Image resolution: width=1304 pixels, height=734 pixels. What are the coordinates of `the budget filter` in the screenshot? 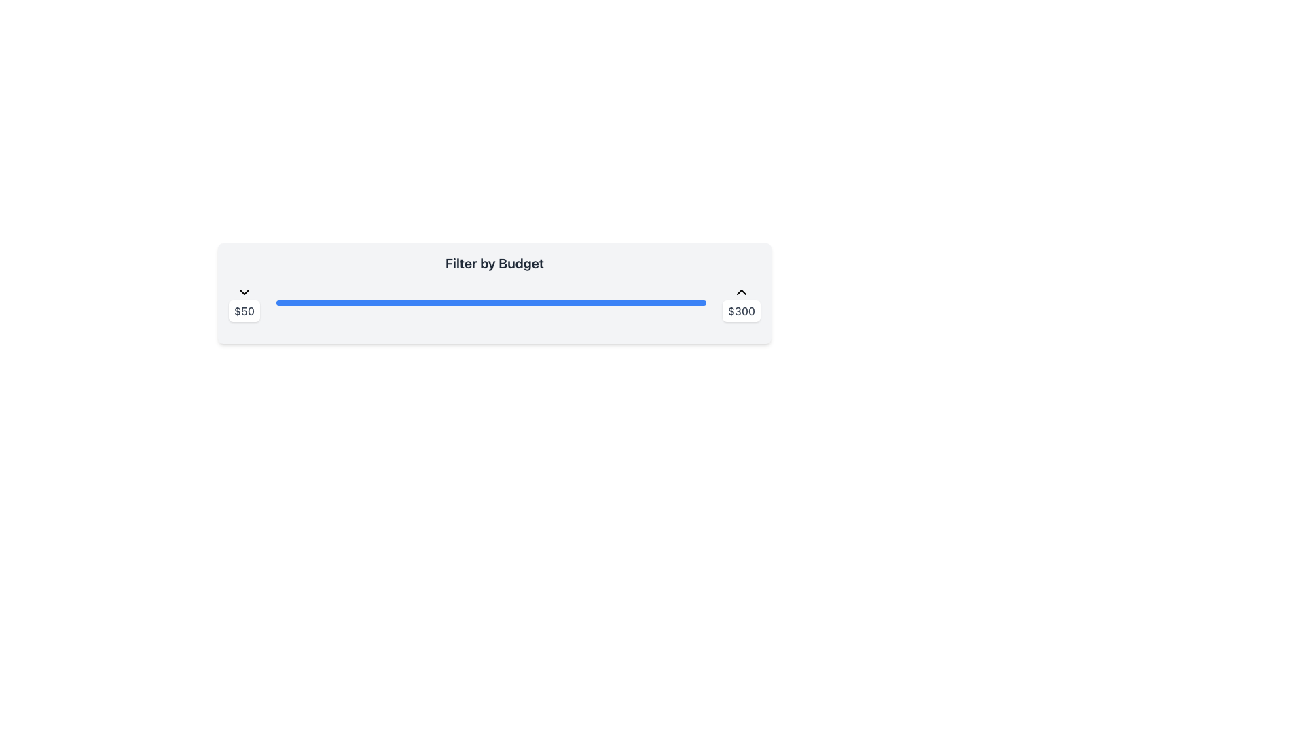 It's located at (509, 302).